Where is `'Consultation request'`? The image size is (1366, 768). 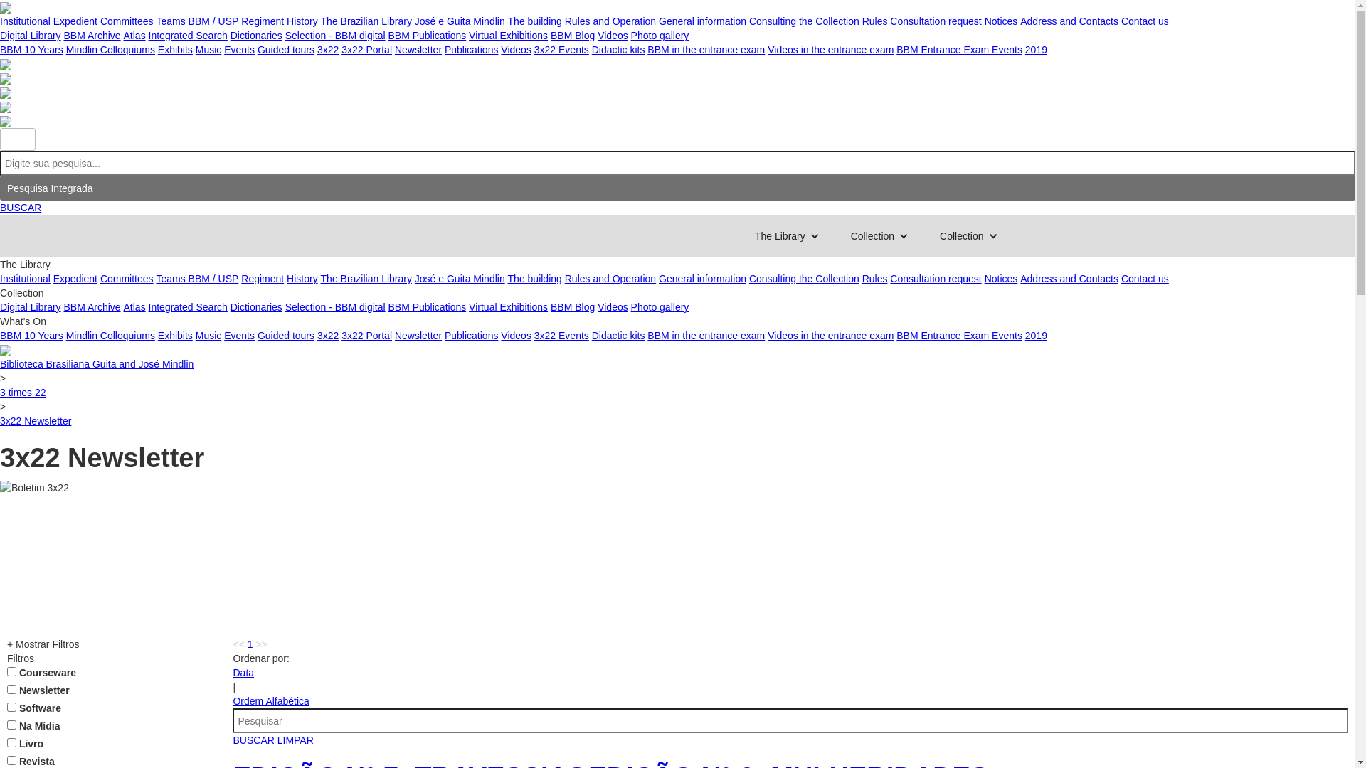
'Consultation request' is located at coordinates (936, 21).